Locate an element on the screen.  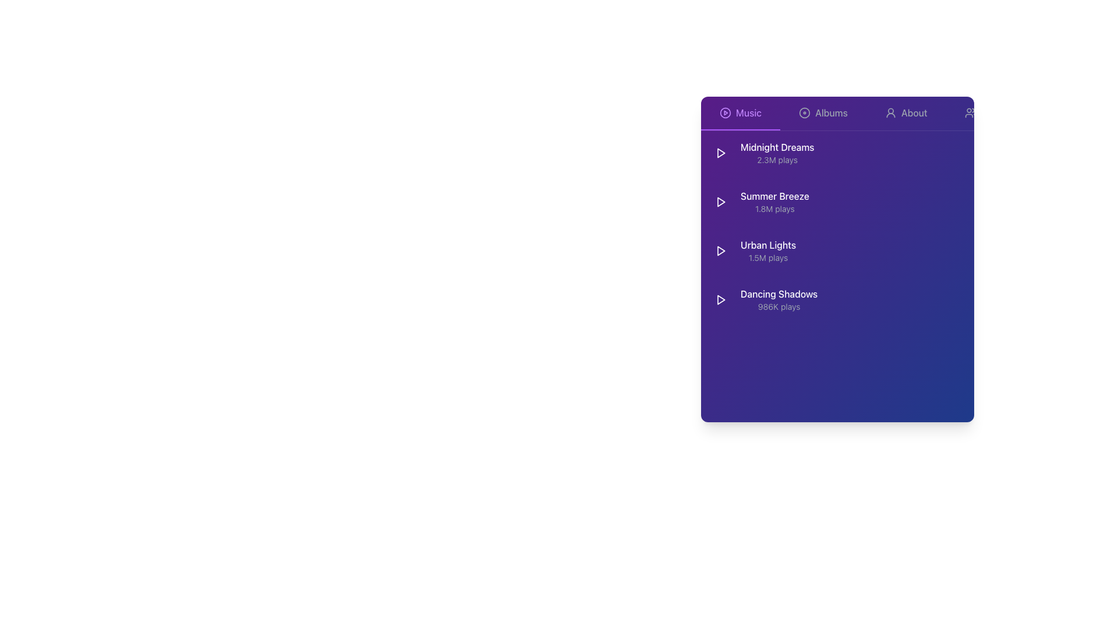
the Ellipsis menu button located near the right edge of the 'Dancing Shadows' list item is located at coordinates (960, 299).